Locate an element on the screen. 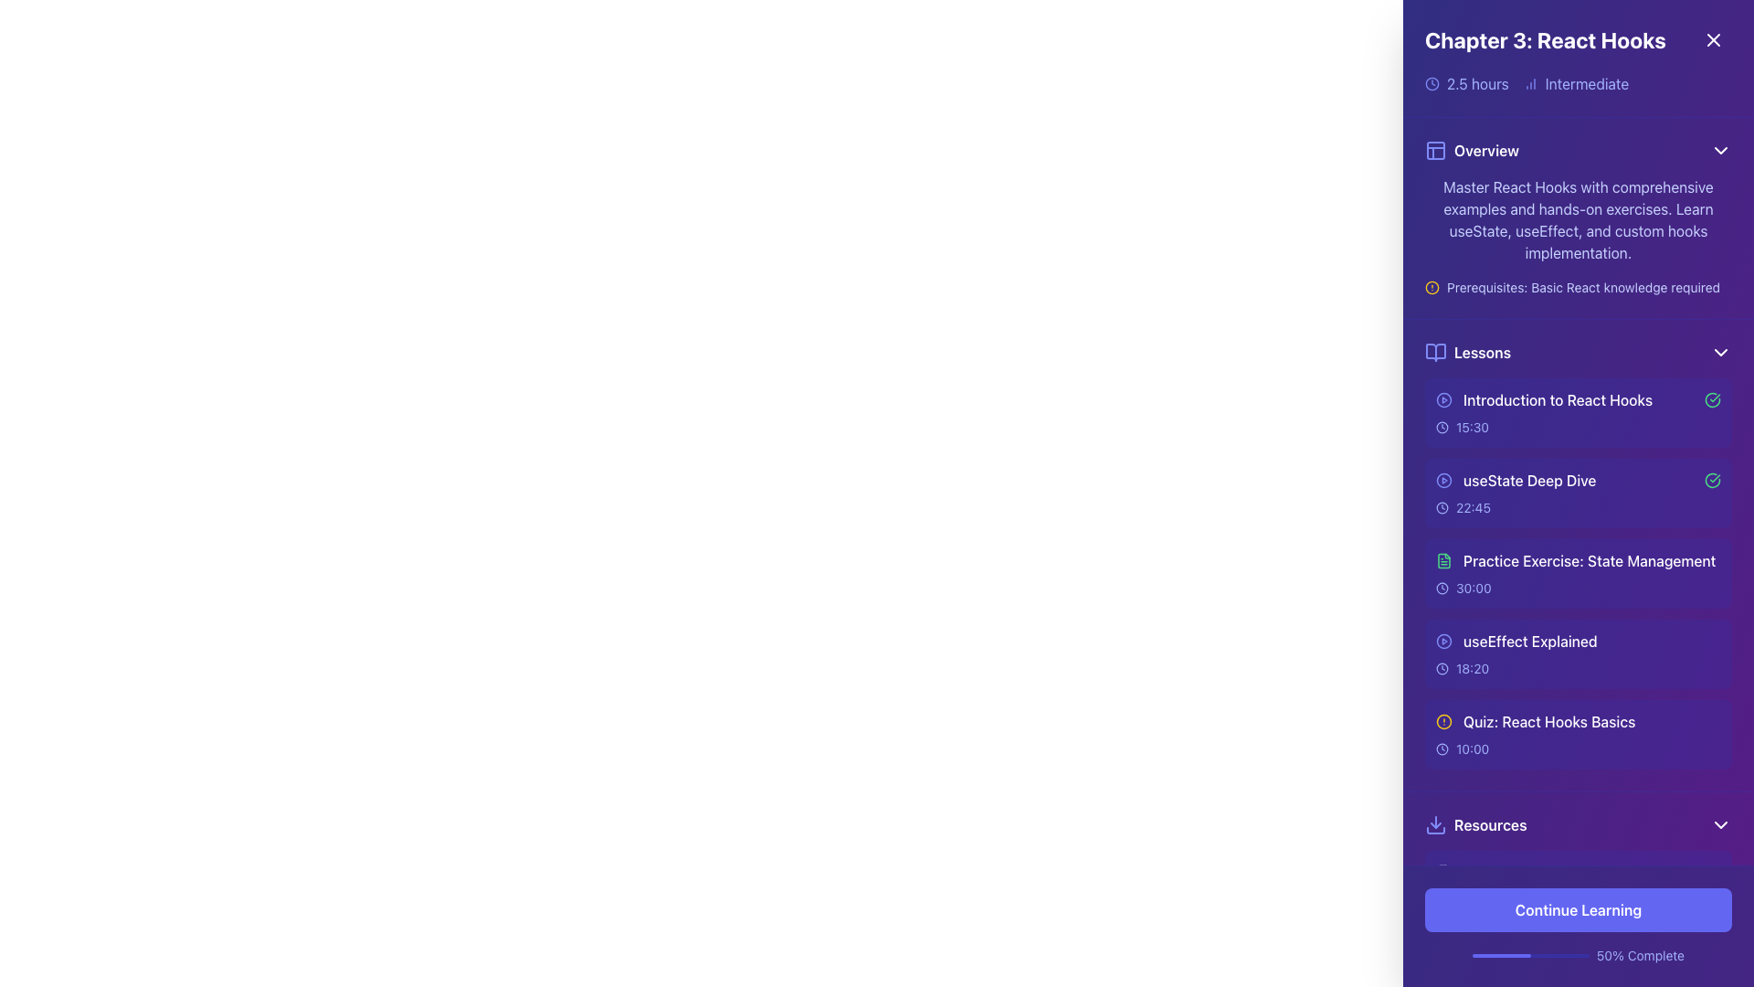  the 'Continue Learning' button, which is a rectangular button with indigo-blue gradient colors and white text, located in the bottom section of the right sidebar panel, above the '50% Complete' progress bar is located at coordinates (1578, 909).